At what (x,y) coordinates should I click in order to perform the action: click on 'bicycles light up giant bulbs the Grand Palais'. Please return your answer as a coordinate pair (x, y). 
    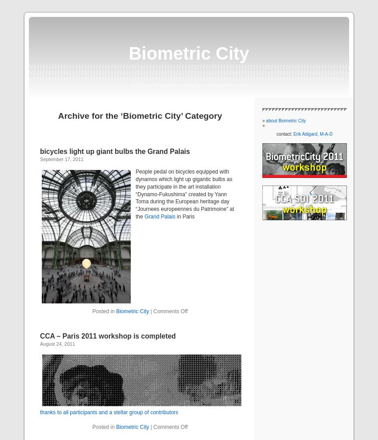
    Looking at the image, I should click on (114, 151).